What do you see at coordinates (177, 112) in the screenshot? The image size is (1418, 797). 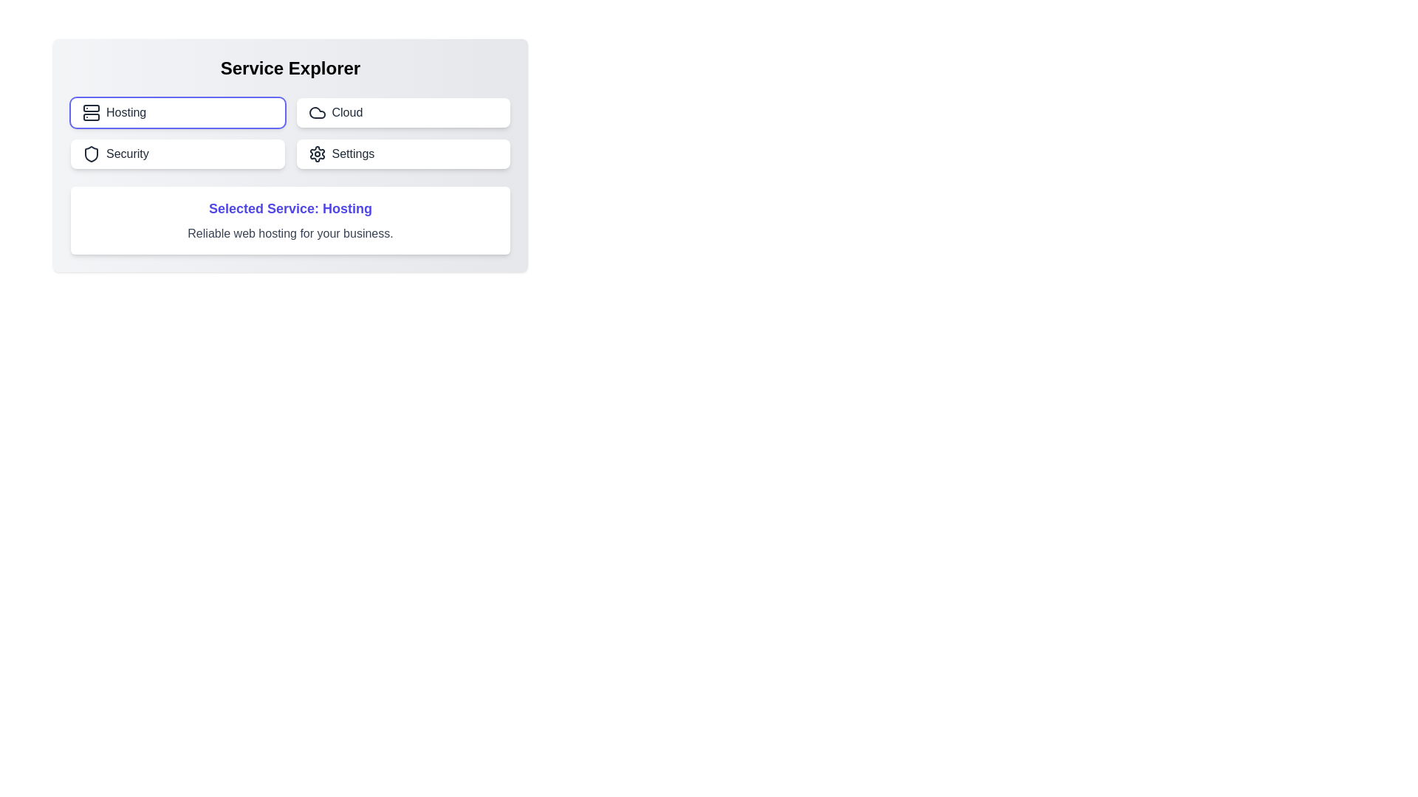 I see `the 'Hosting' service button located in the upper-left part of the 'Service Explorer' panel` at bounding box center [177, 112].